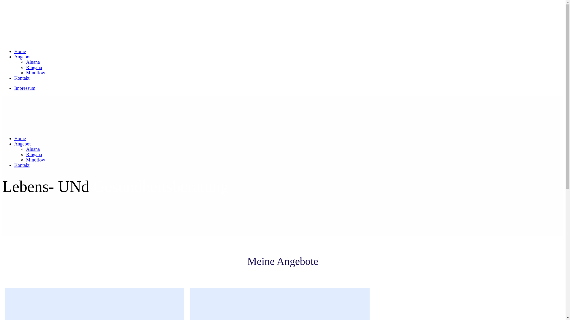 The image size is (570, 320). Describe the element at coordinates (22, 78) in the screenshot. I see `'Kontakt'` at that location.